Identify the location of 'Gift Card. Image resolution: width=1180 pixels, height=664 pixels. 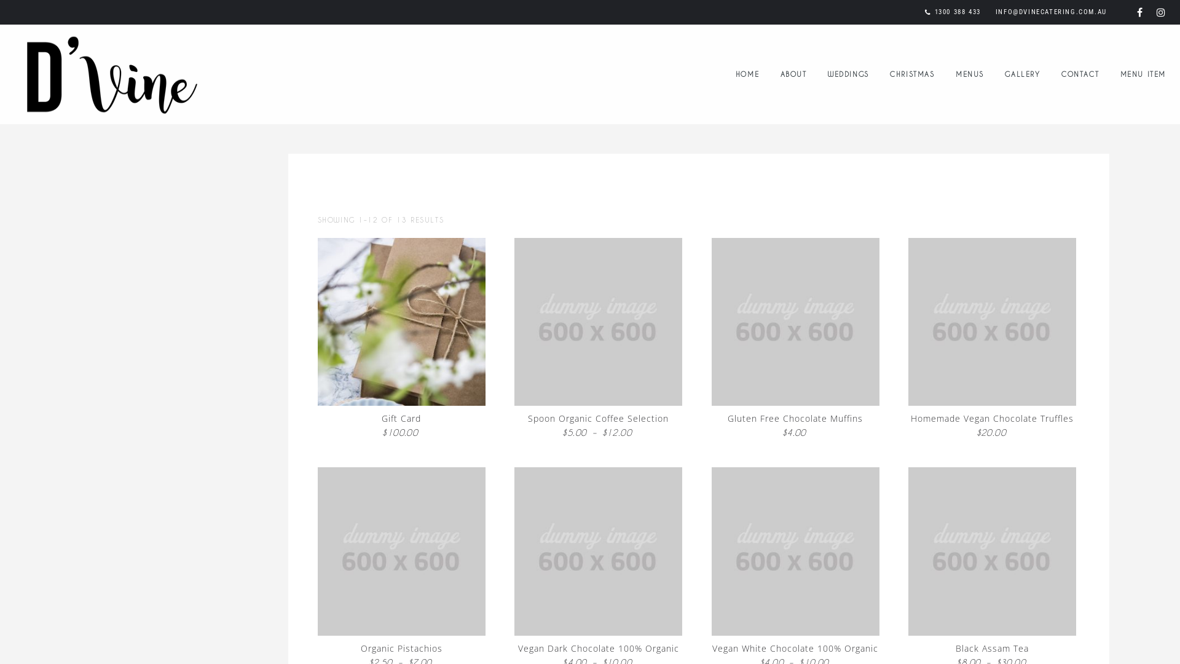
(401, 339).